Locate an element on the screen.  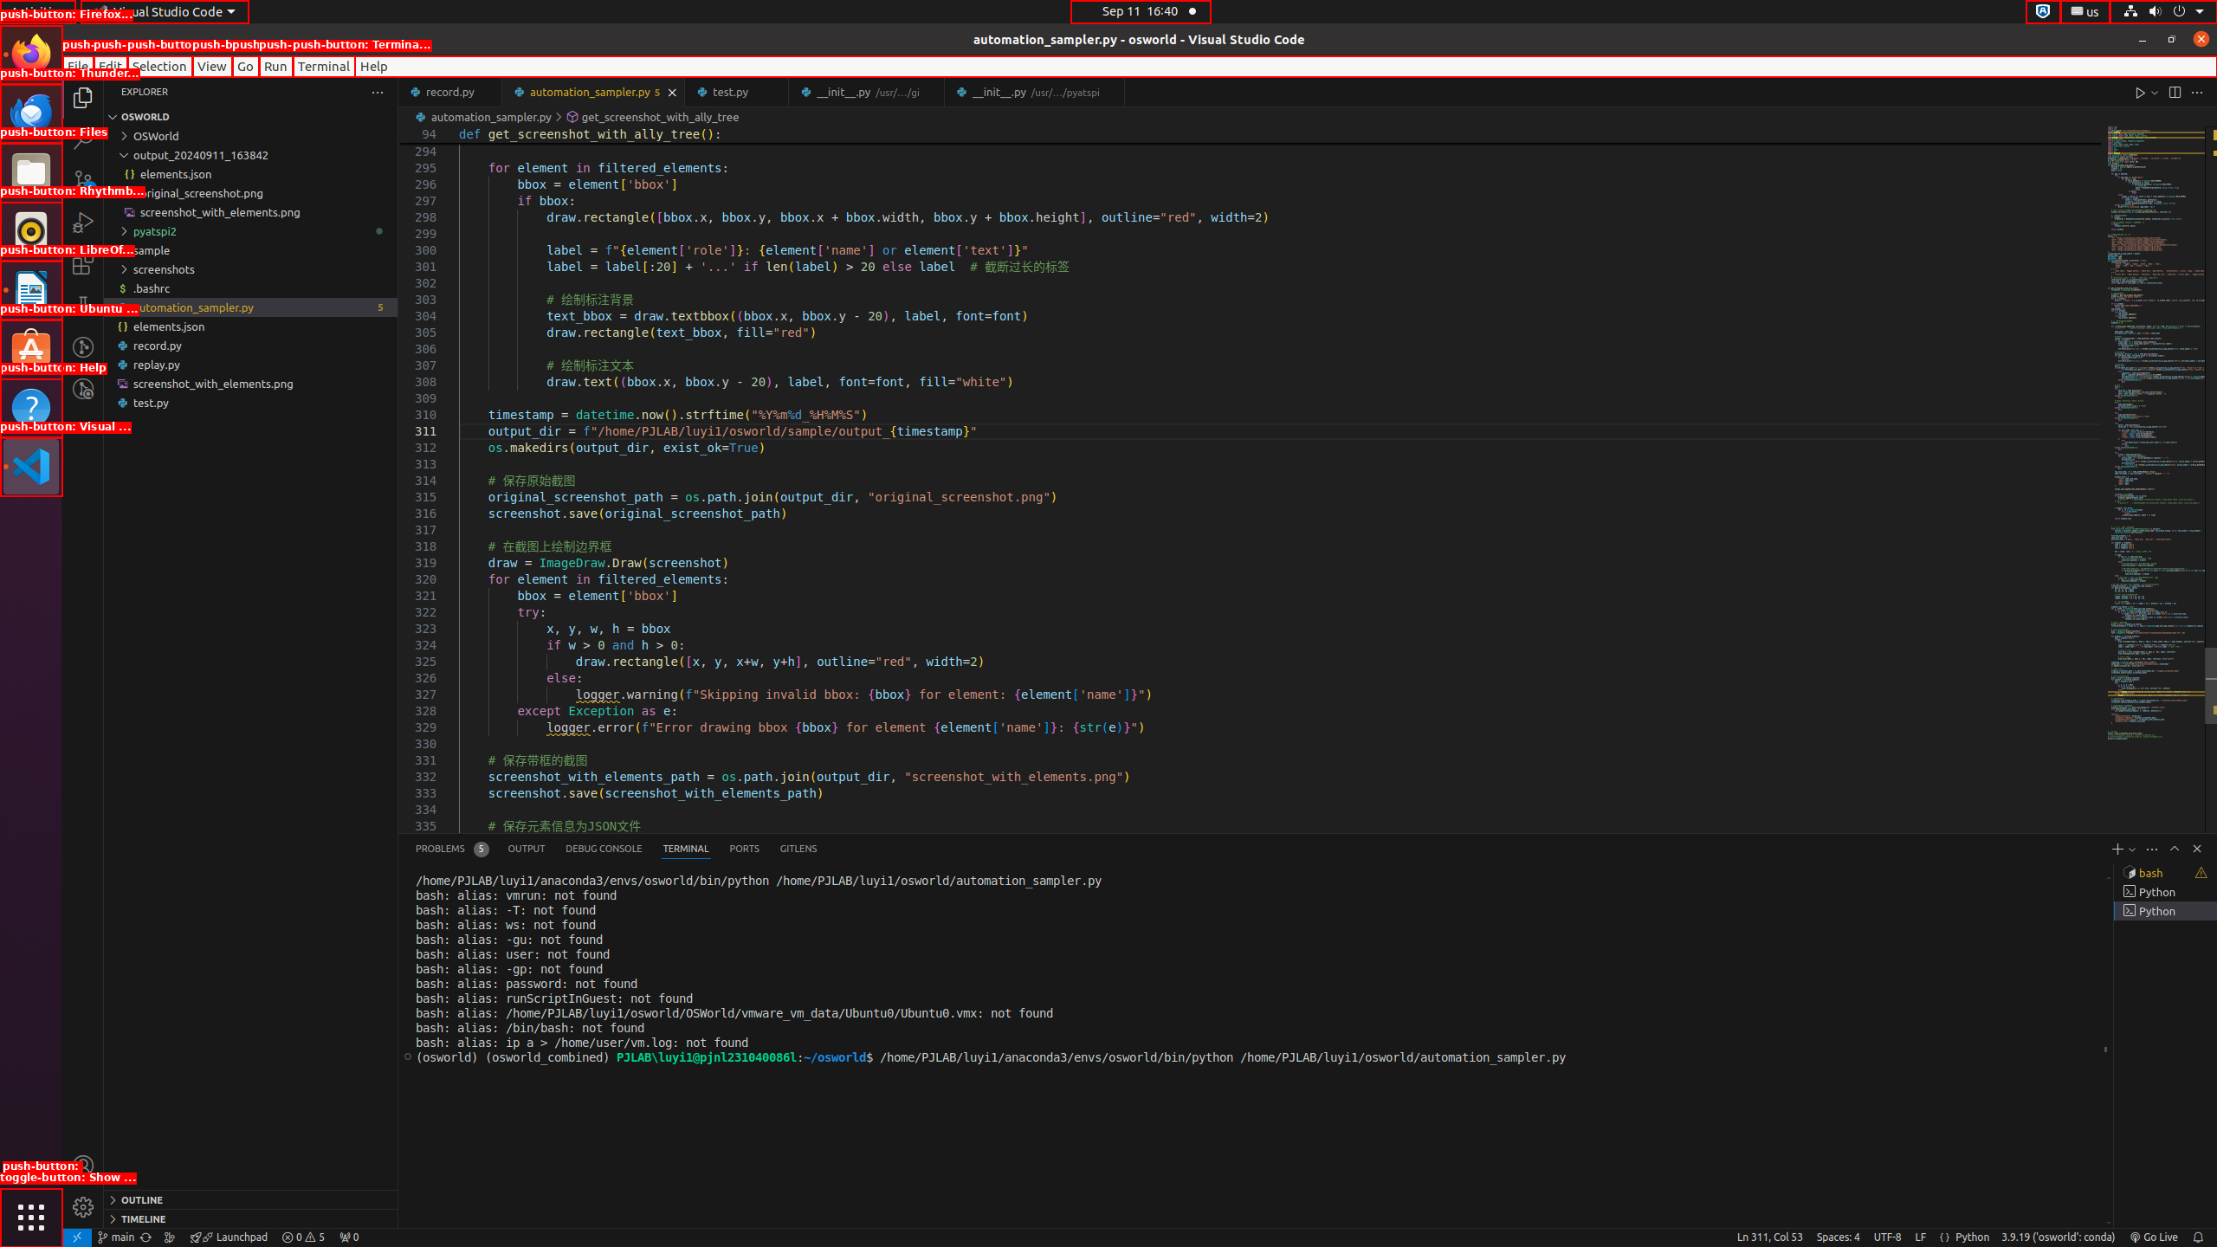
':1.21/StatusNotifierItem' is located at coordinates (2084, 10).